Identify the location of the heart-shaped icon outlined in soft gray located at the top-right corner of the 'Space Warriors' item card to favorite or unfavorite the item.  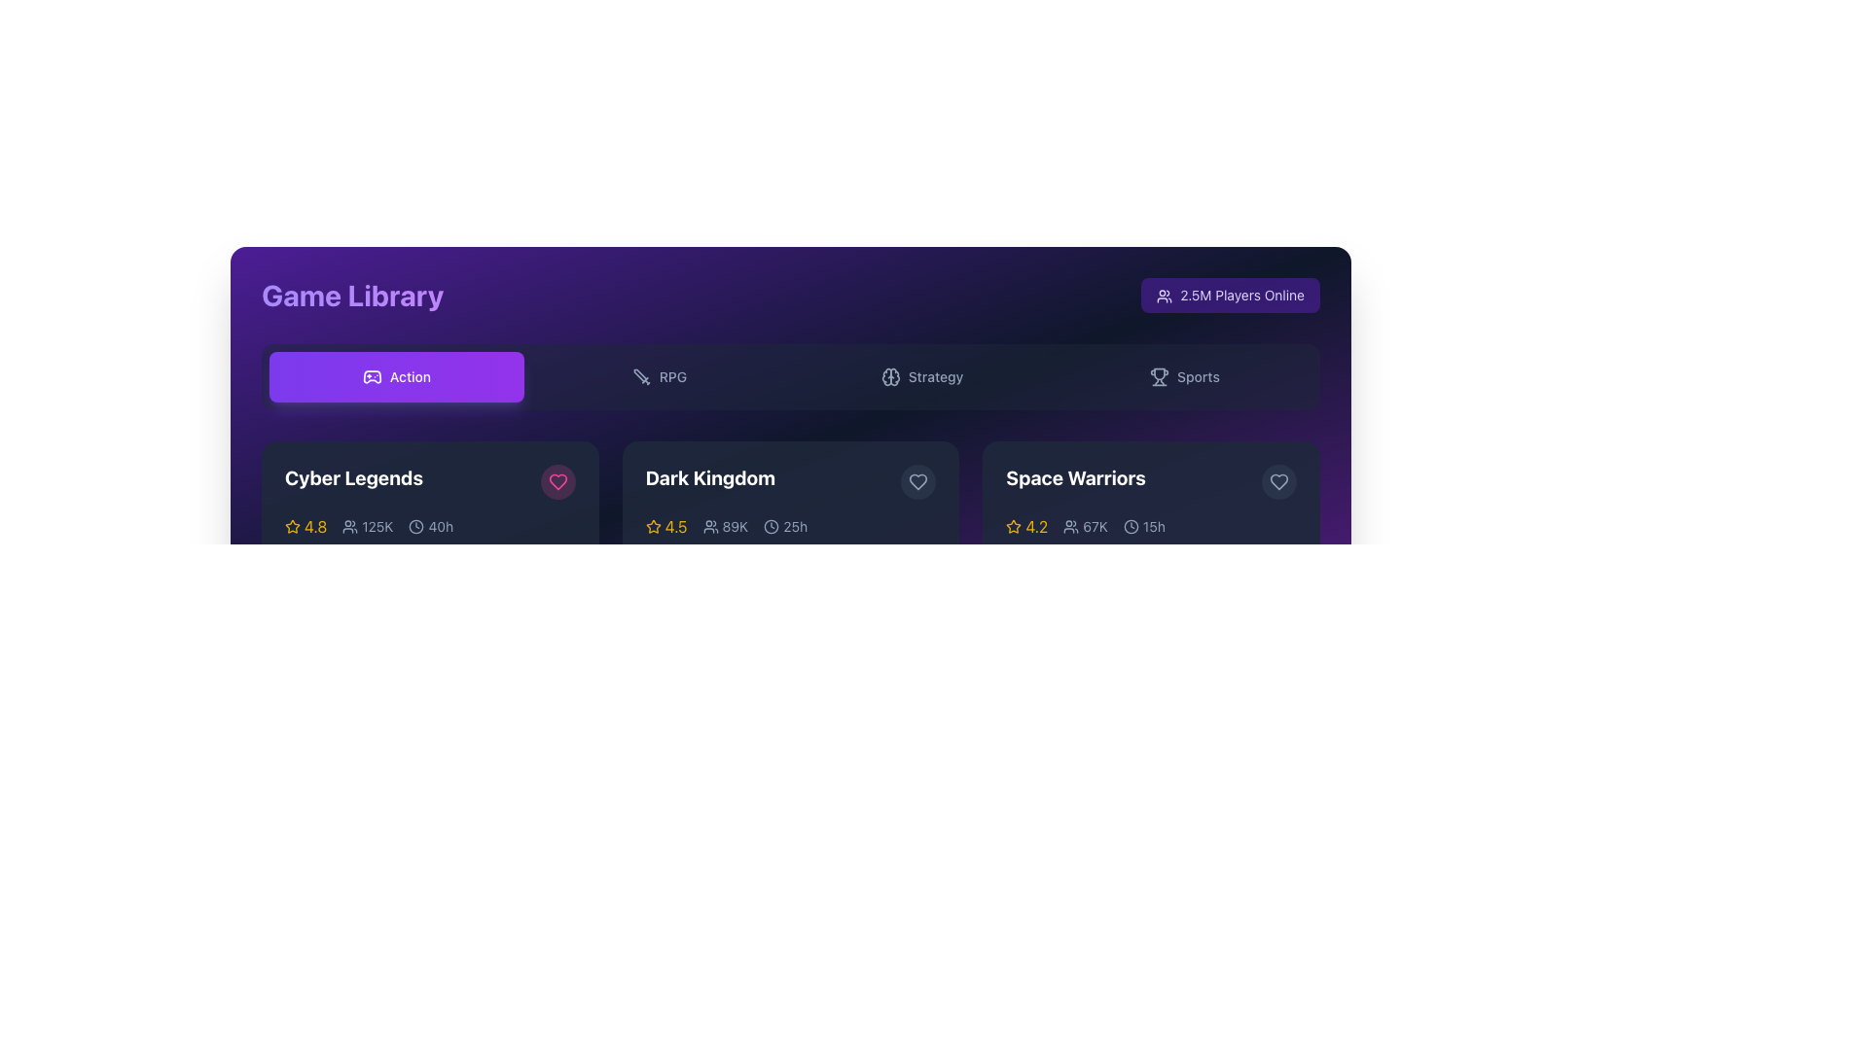
(1279, 481).